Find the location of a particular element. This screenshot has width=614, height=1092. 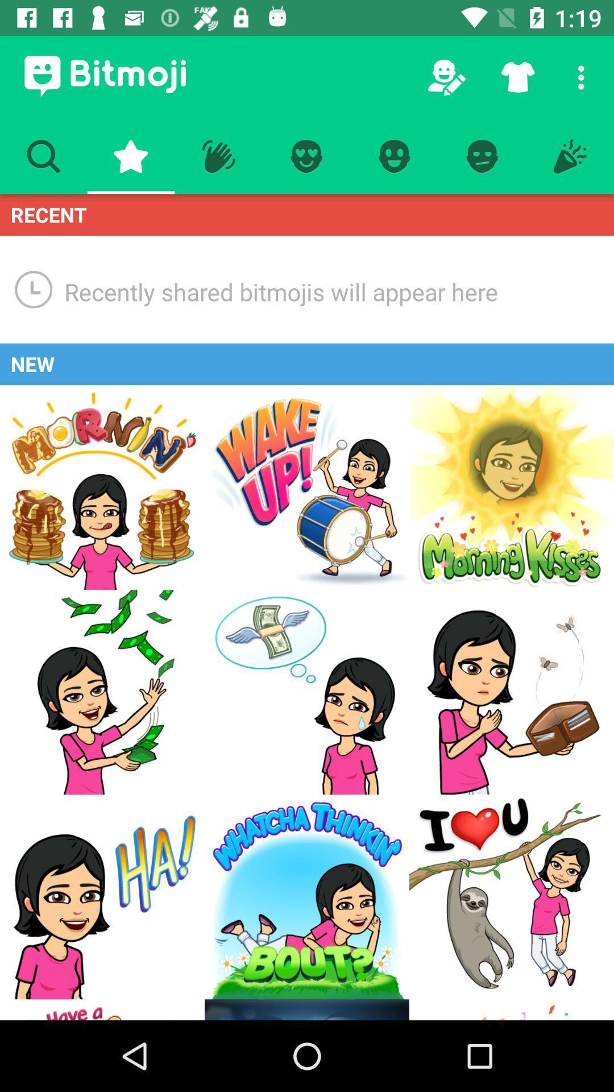

see image is located at coordinates (511, 487).